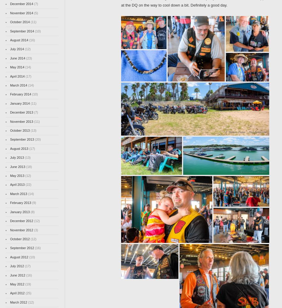 The width and height of the screenshot is (282, 308). What do you see at coordinates (33, 12) in the screenshot?
I see `'(5)'` at bounding box center [33, 12].